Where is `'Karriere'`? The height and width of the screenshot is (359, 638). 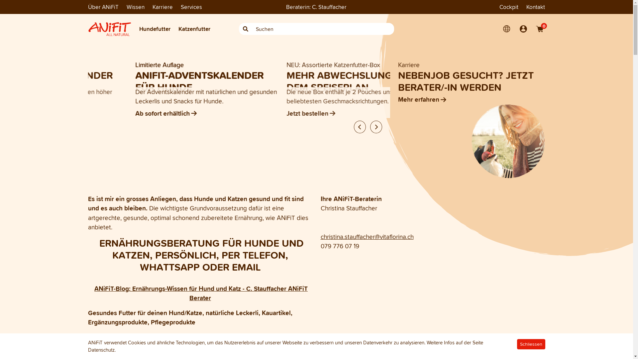
'Karriere' is located at coordinates (162, 7).